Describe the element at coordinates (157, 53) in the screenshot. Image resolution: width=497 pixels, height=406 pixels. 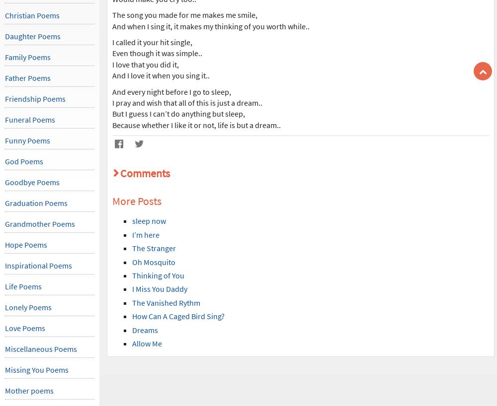
I see `'Even though it was simple..'` at that location.